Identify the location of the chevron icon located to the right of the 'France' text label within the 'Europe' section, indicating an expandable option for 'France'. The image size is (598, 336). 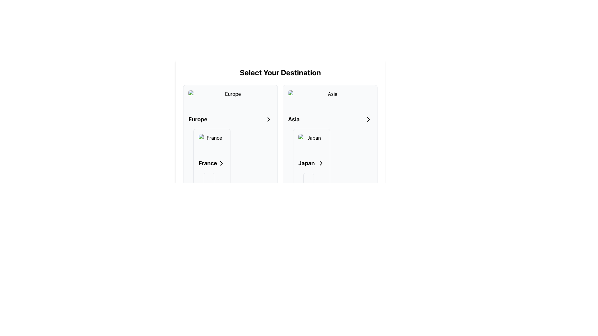
(221, 163).